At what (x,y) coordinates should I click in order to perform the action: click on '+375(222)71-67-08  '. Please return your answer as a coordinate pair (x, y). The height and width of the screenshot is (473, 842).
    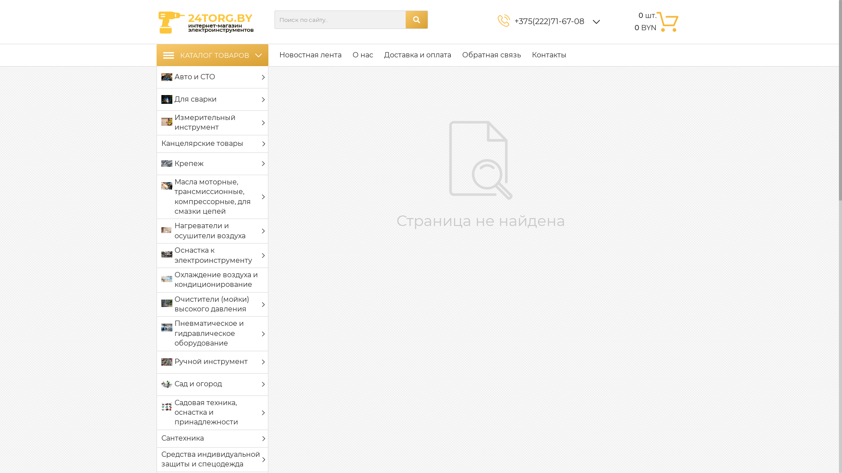
    Looking at the image, I should click on (550, 21).